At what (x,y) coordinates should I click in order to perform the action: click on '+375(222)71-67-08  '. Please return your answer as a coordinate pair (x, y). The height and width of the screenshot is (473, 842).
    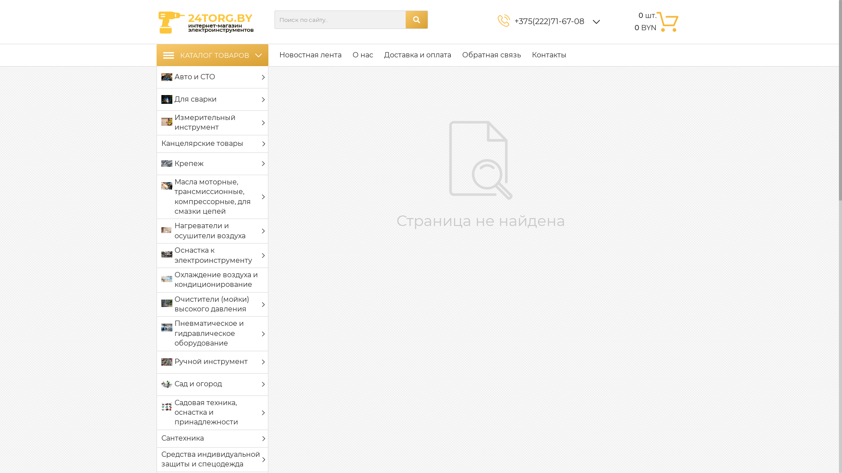
    Looking at the image, I should click on (550, 21).